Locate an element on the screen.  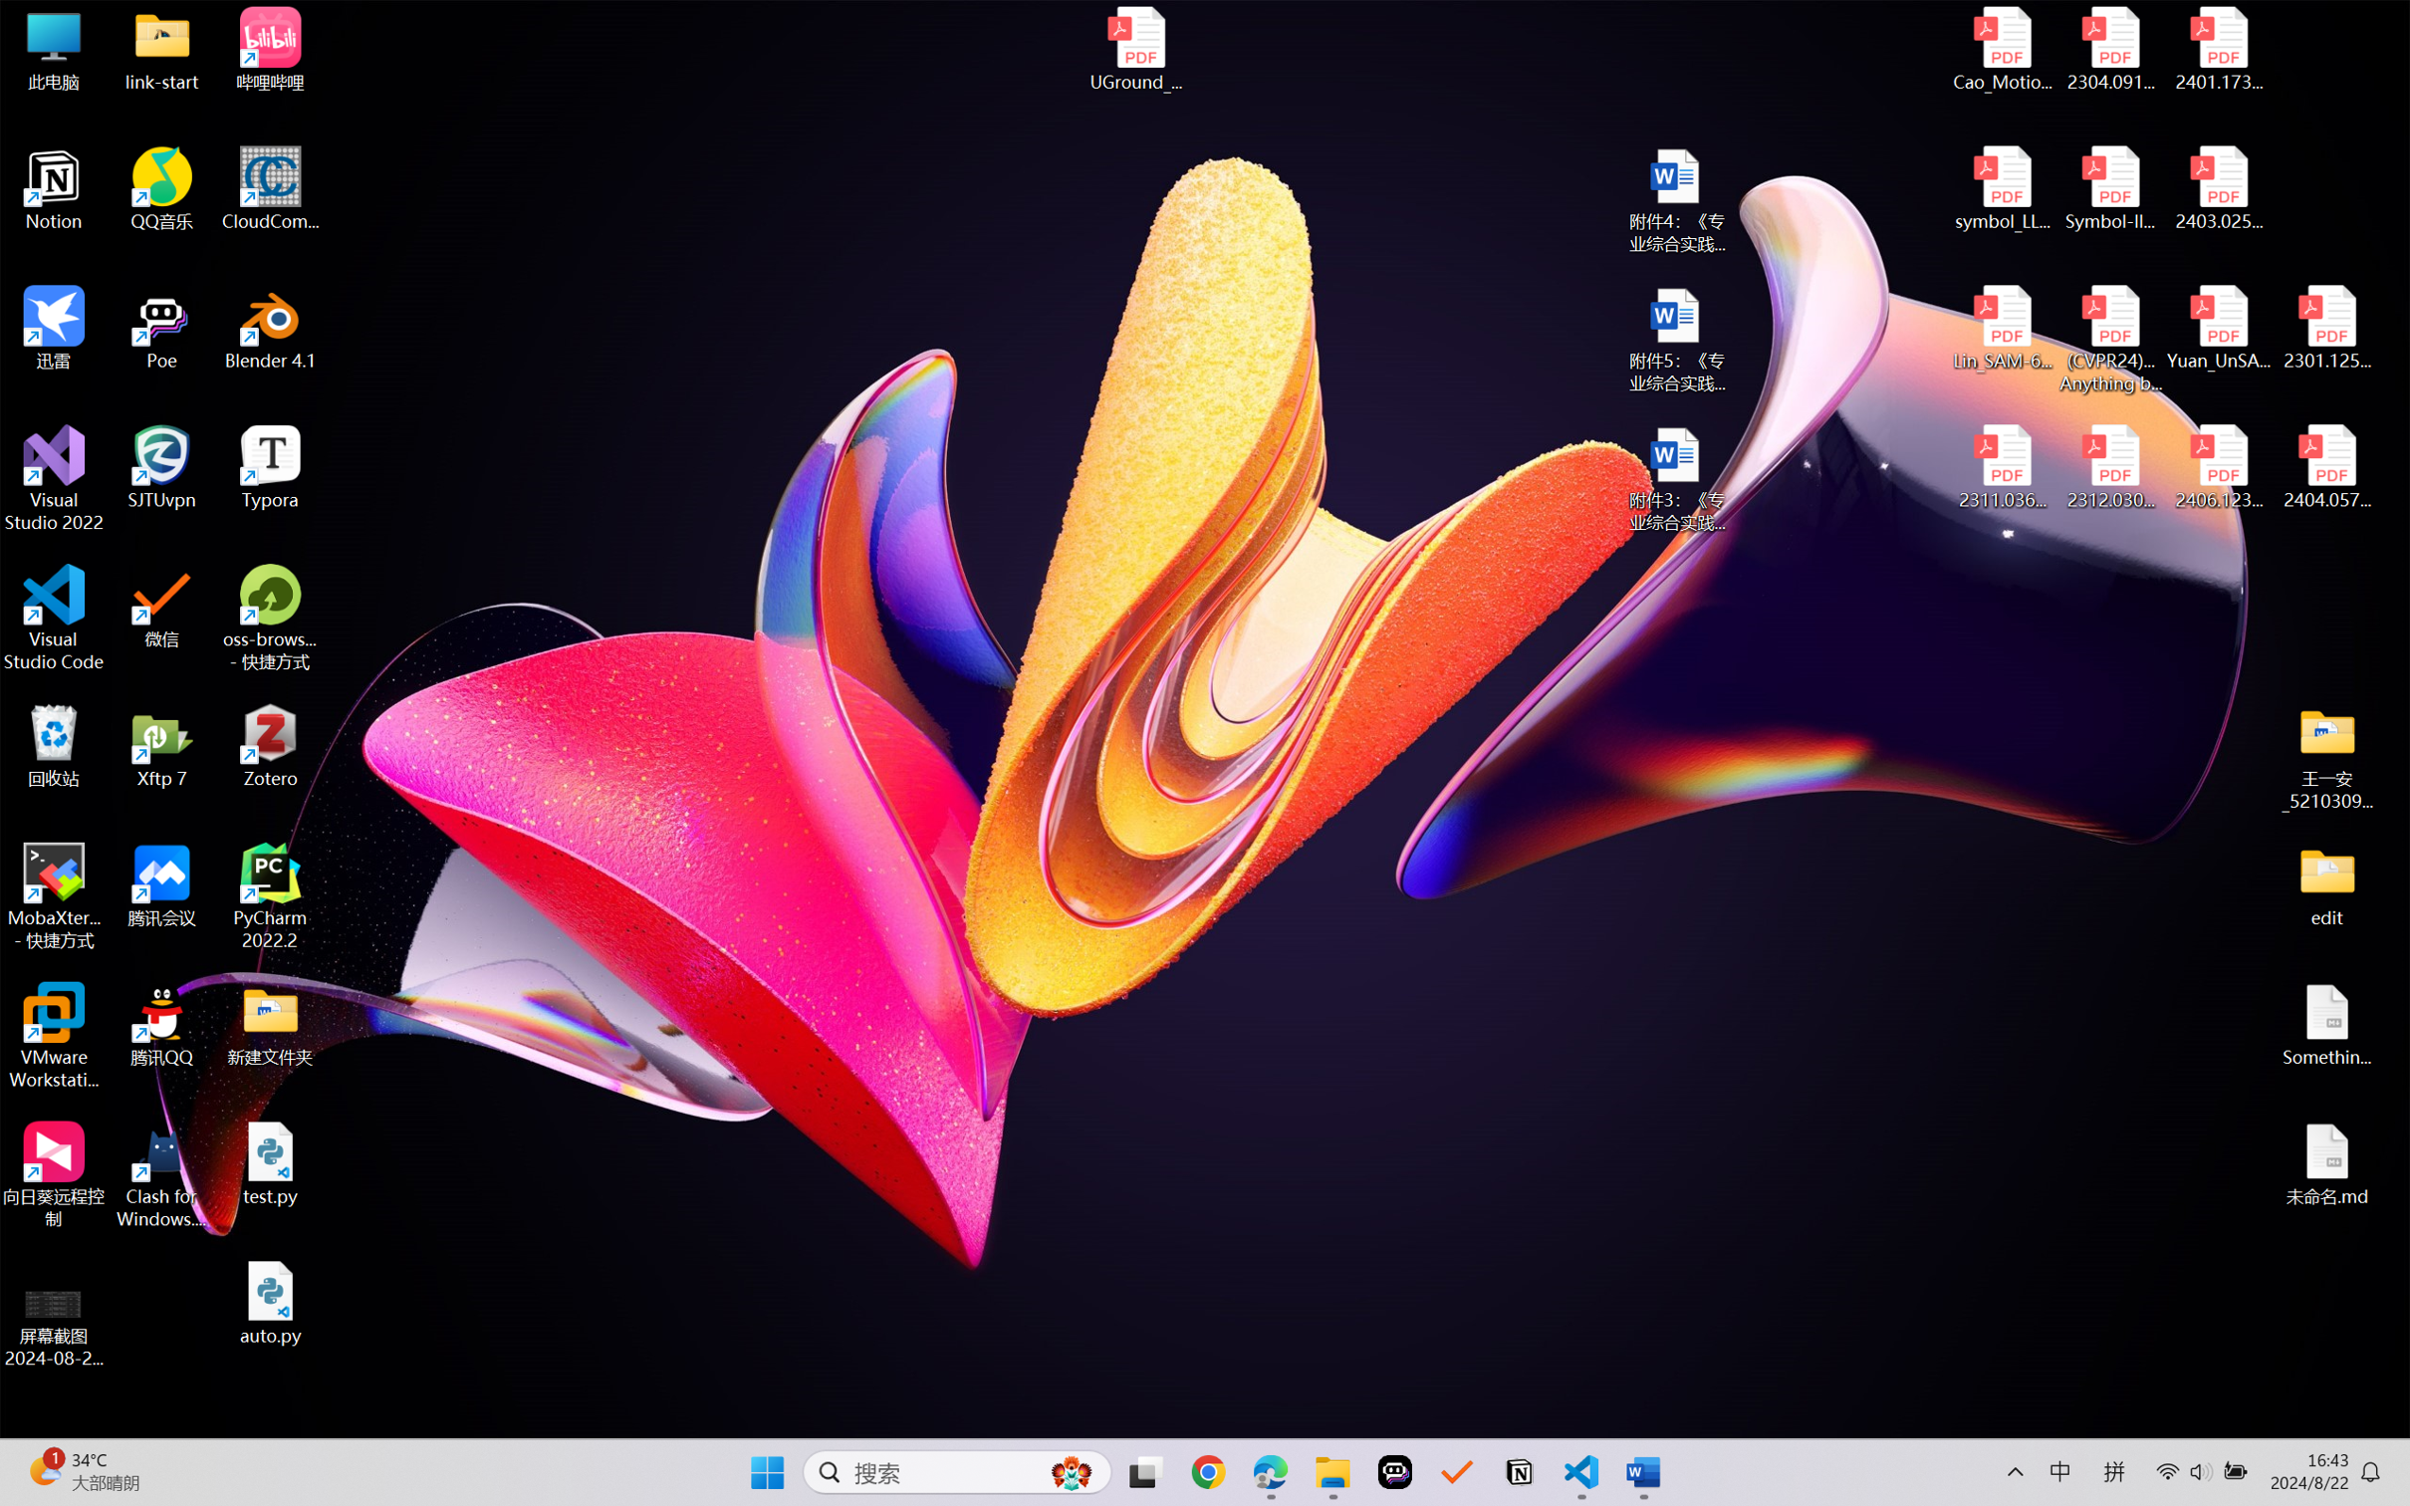
'symbol_LLM.pdf' is located at coordinates (2003, 189).